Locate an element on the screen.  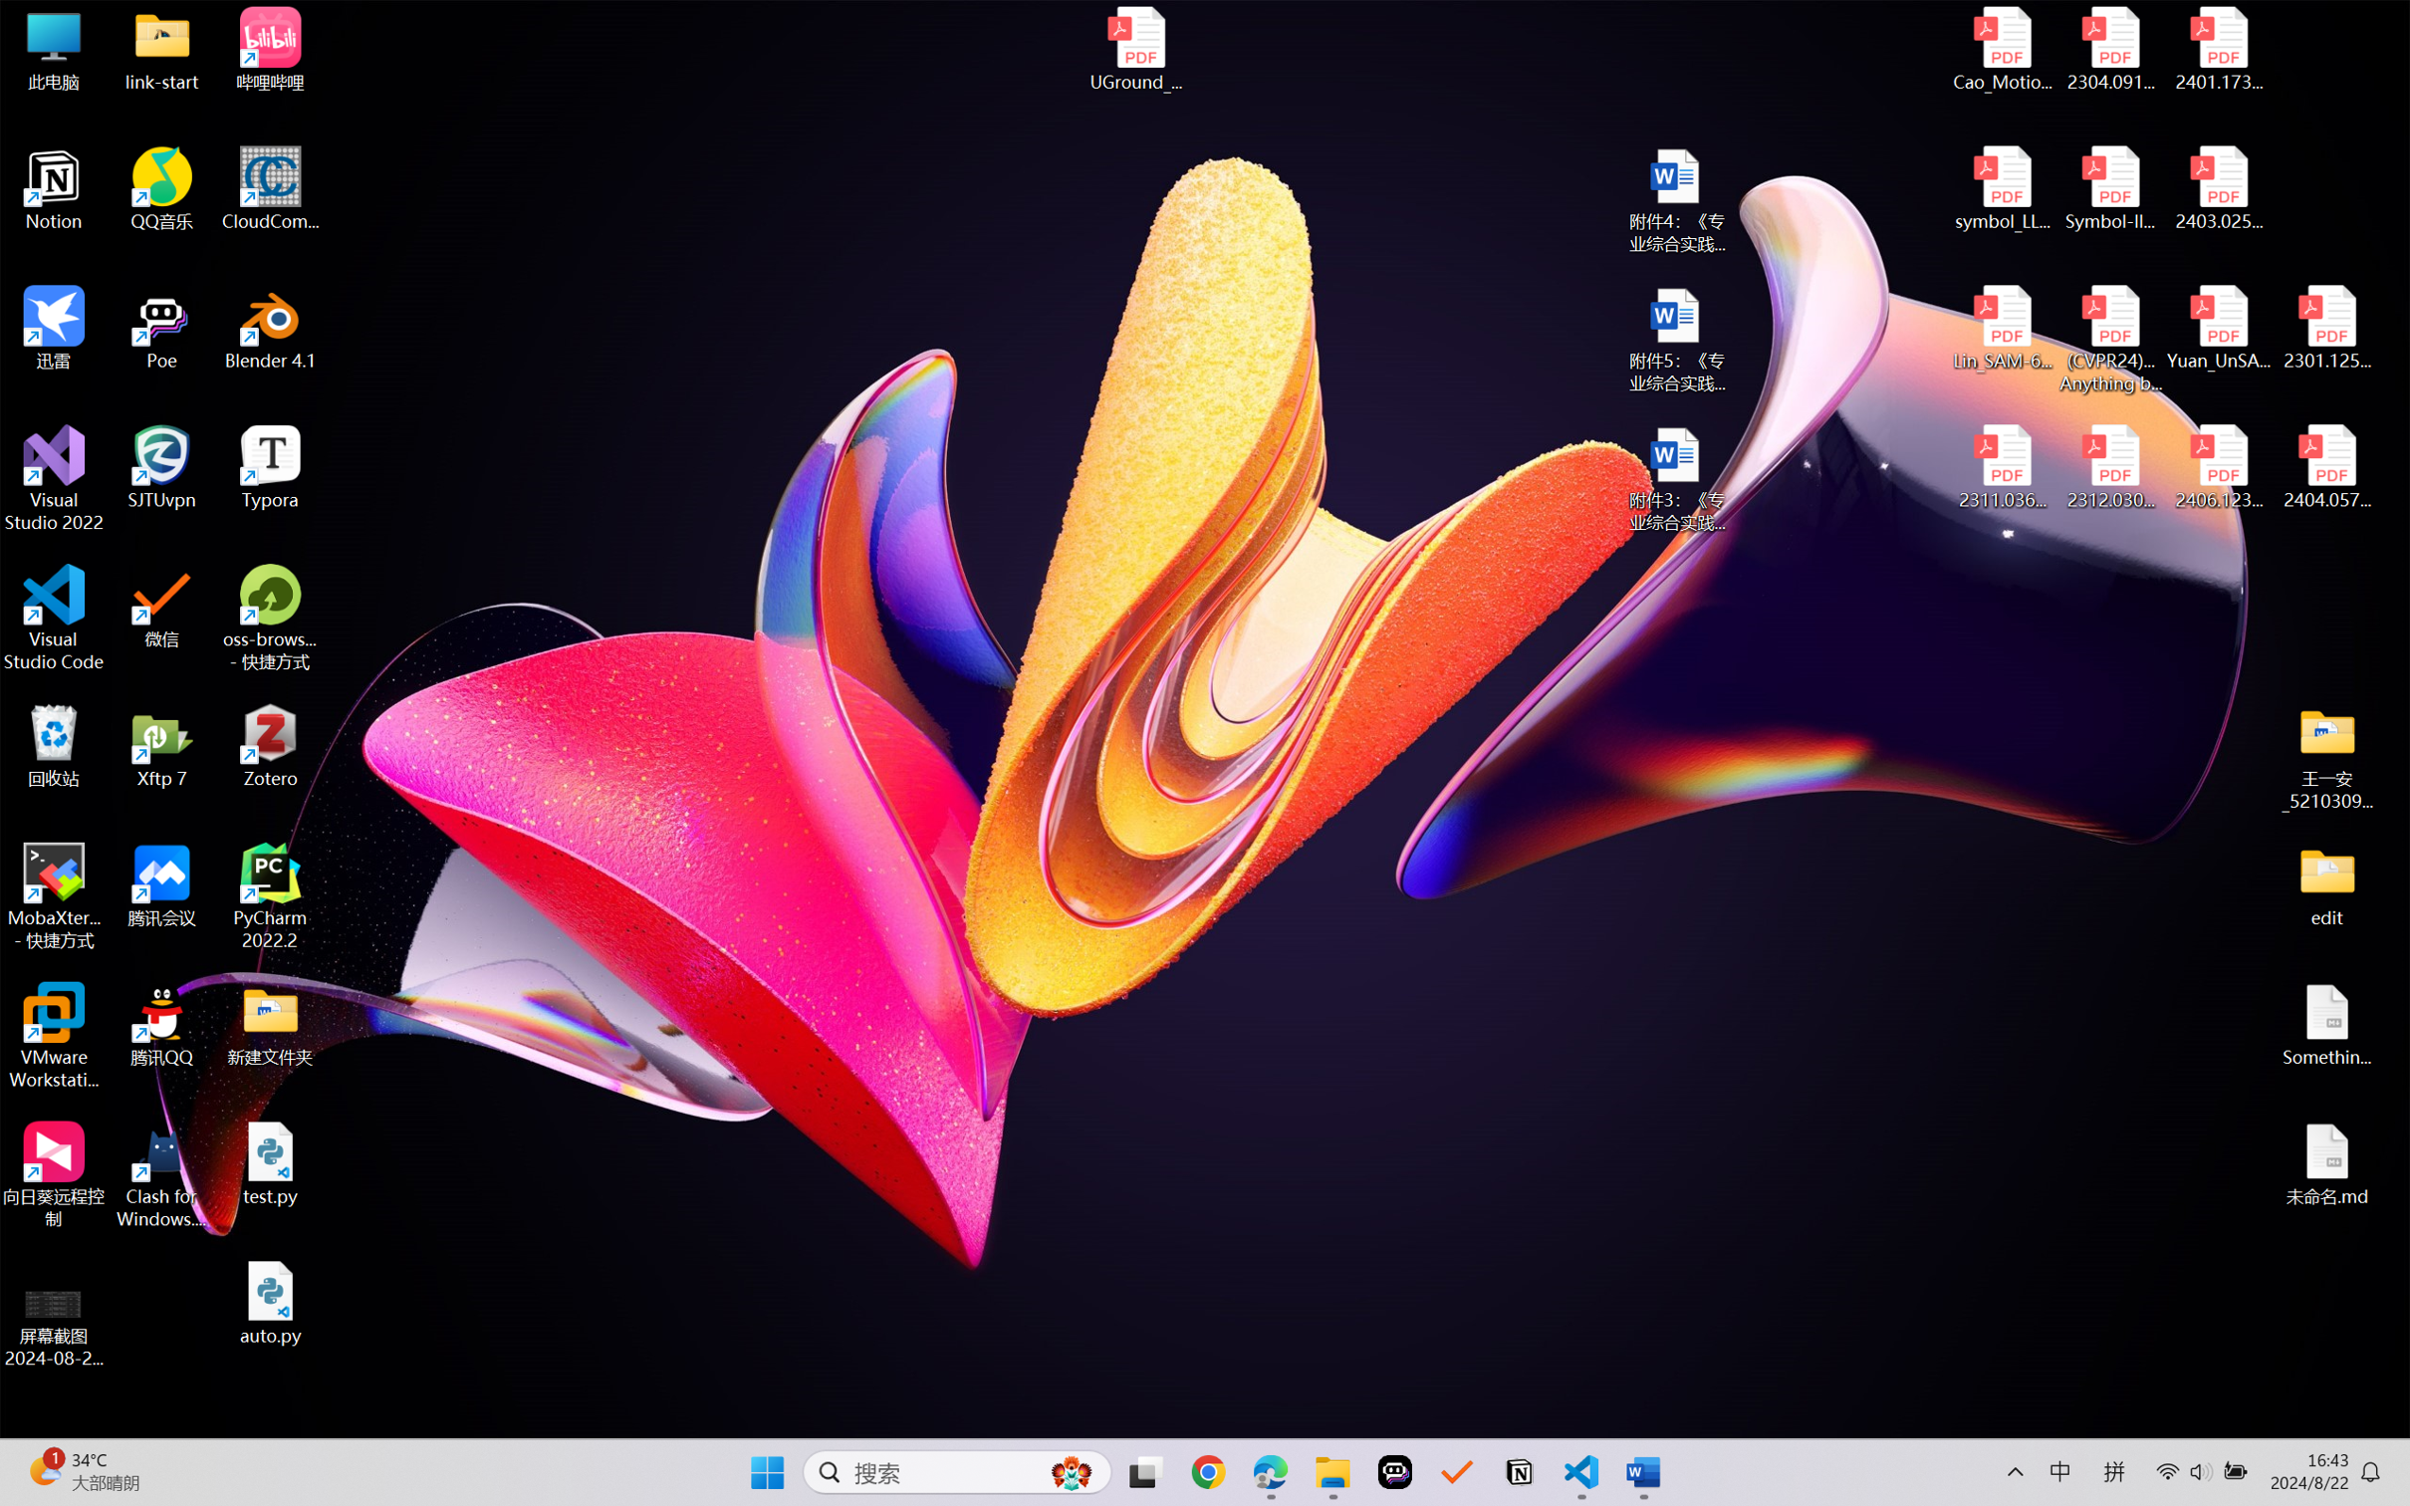
'symbol_LLM.pdf' is located at coordinates (2003, 189).